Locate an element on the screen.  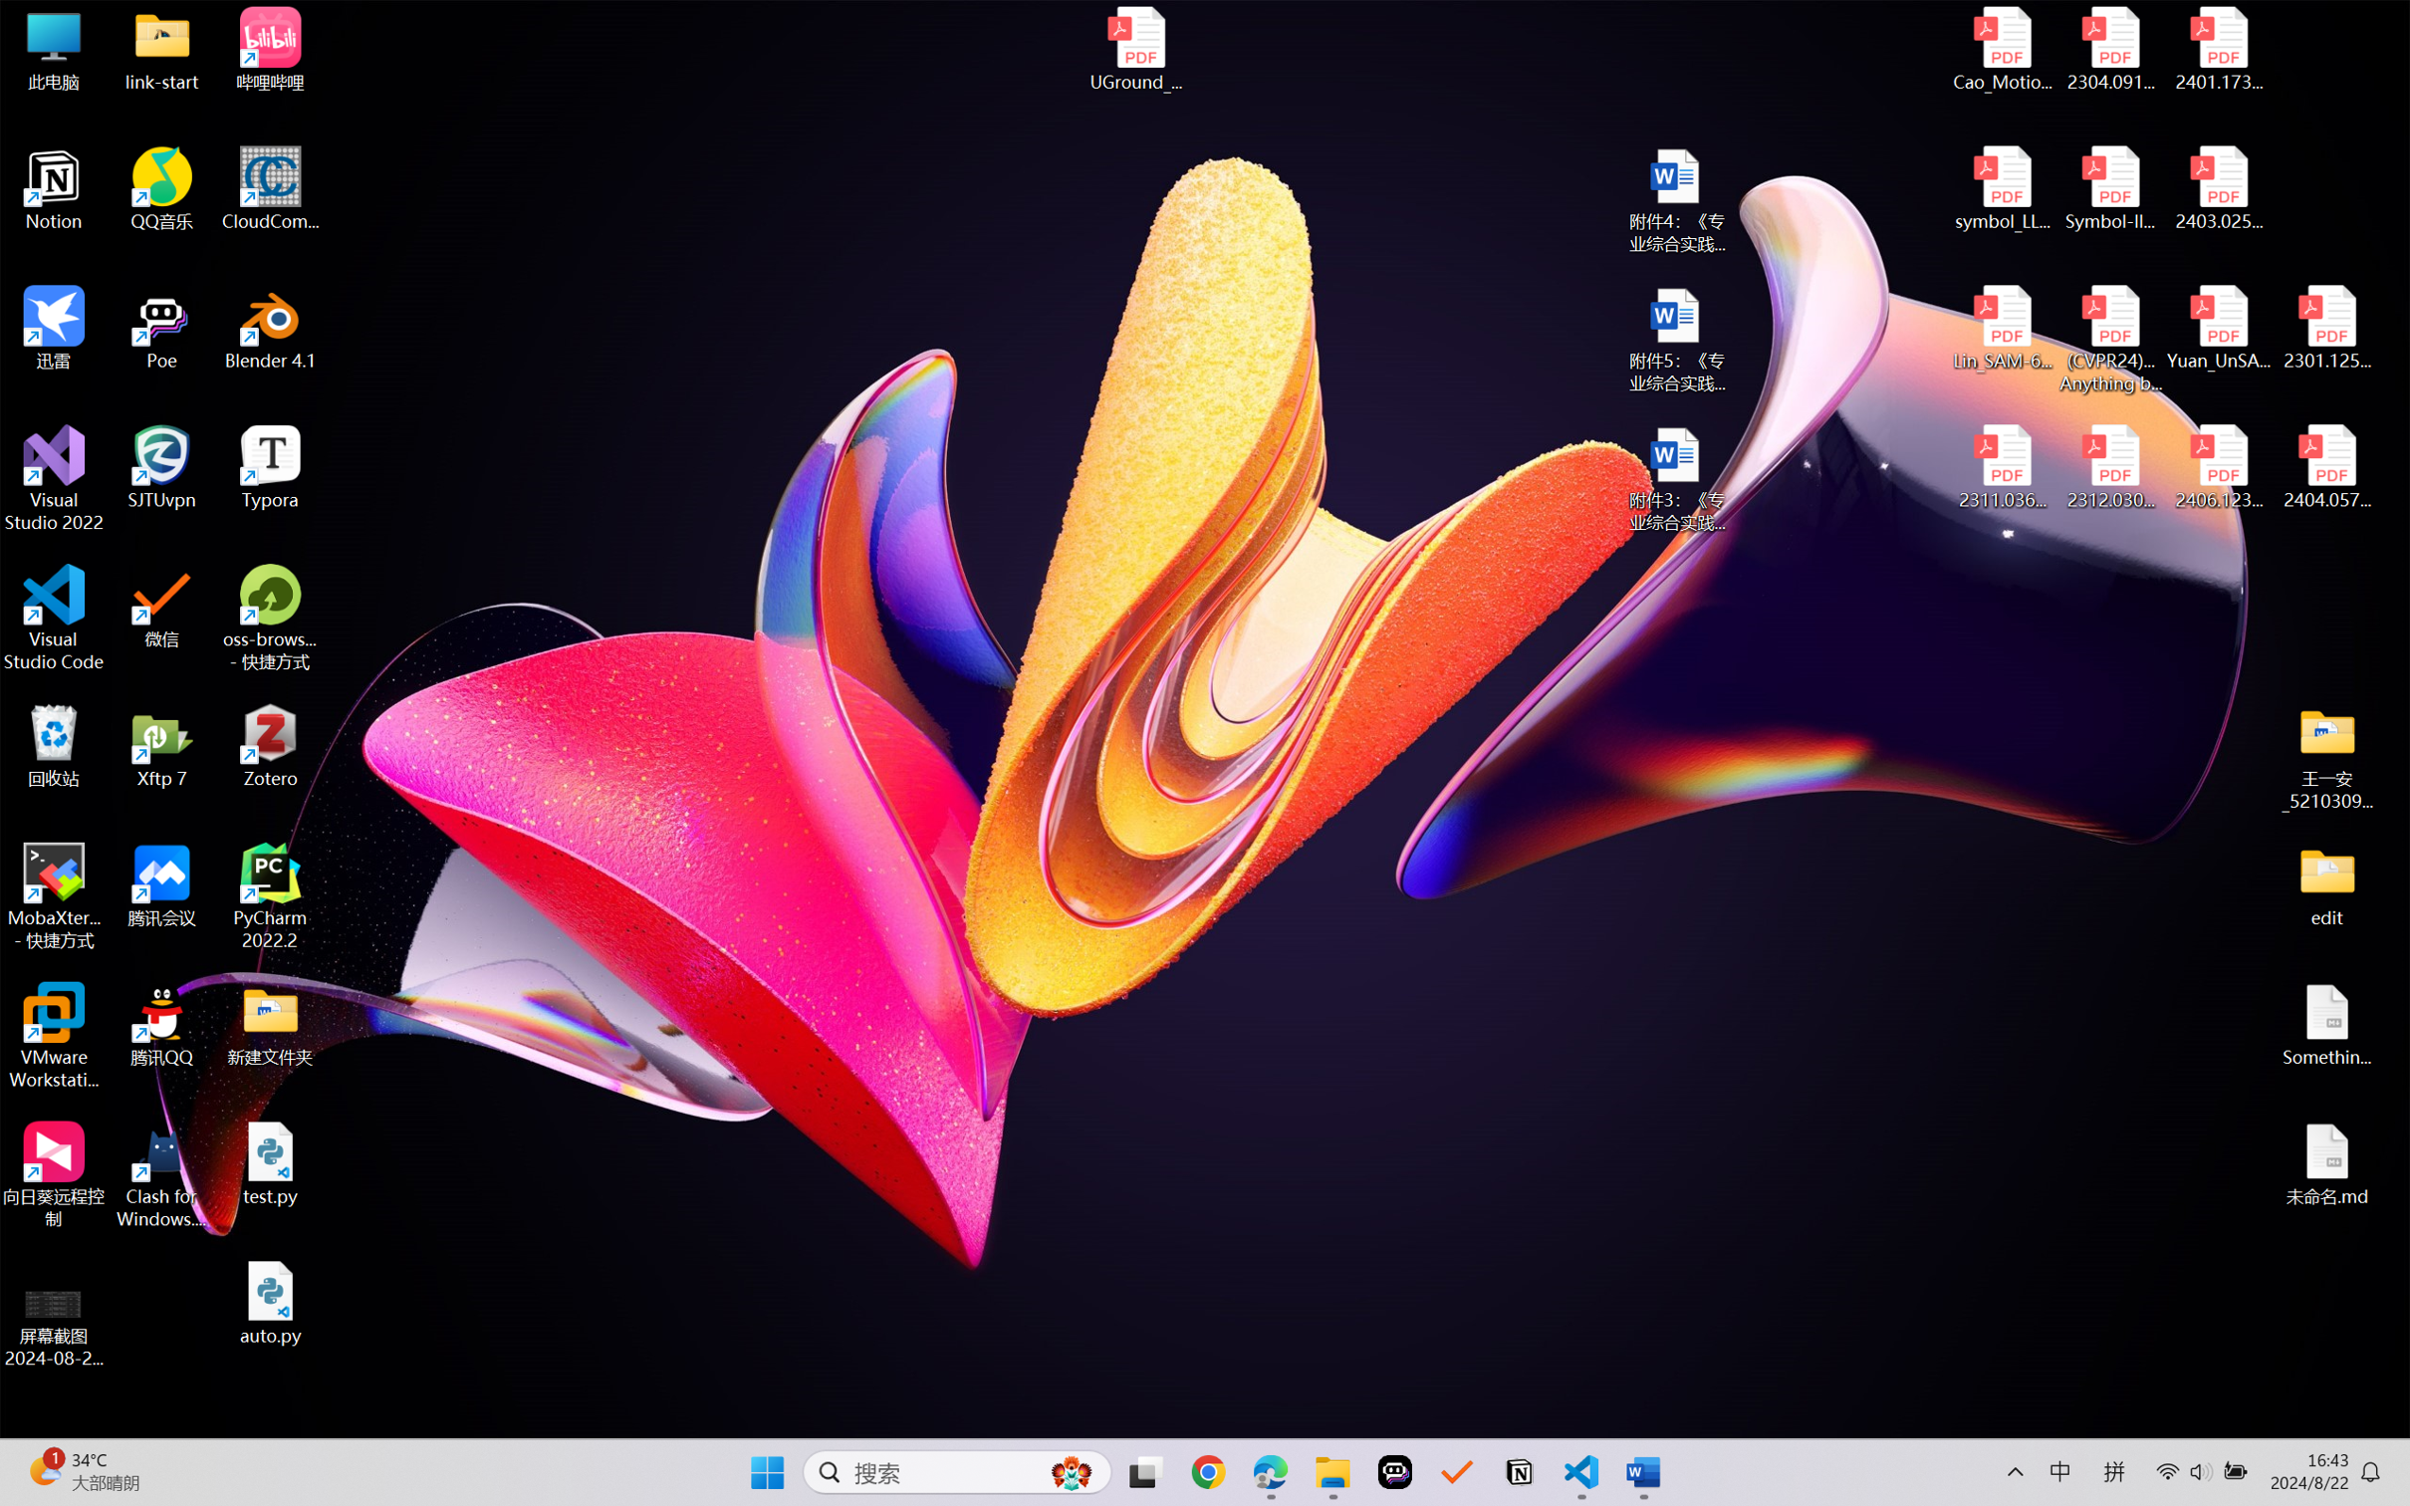
'symbol_LLM.pdf' is located at coordinates (2003, 189).